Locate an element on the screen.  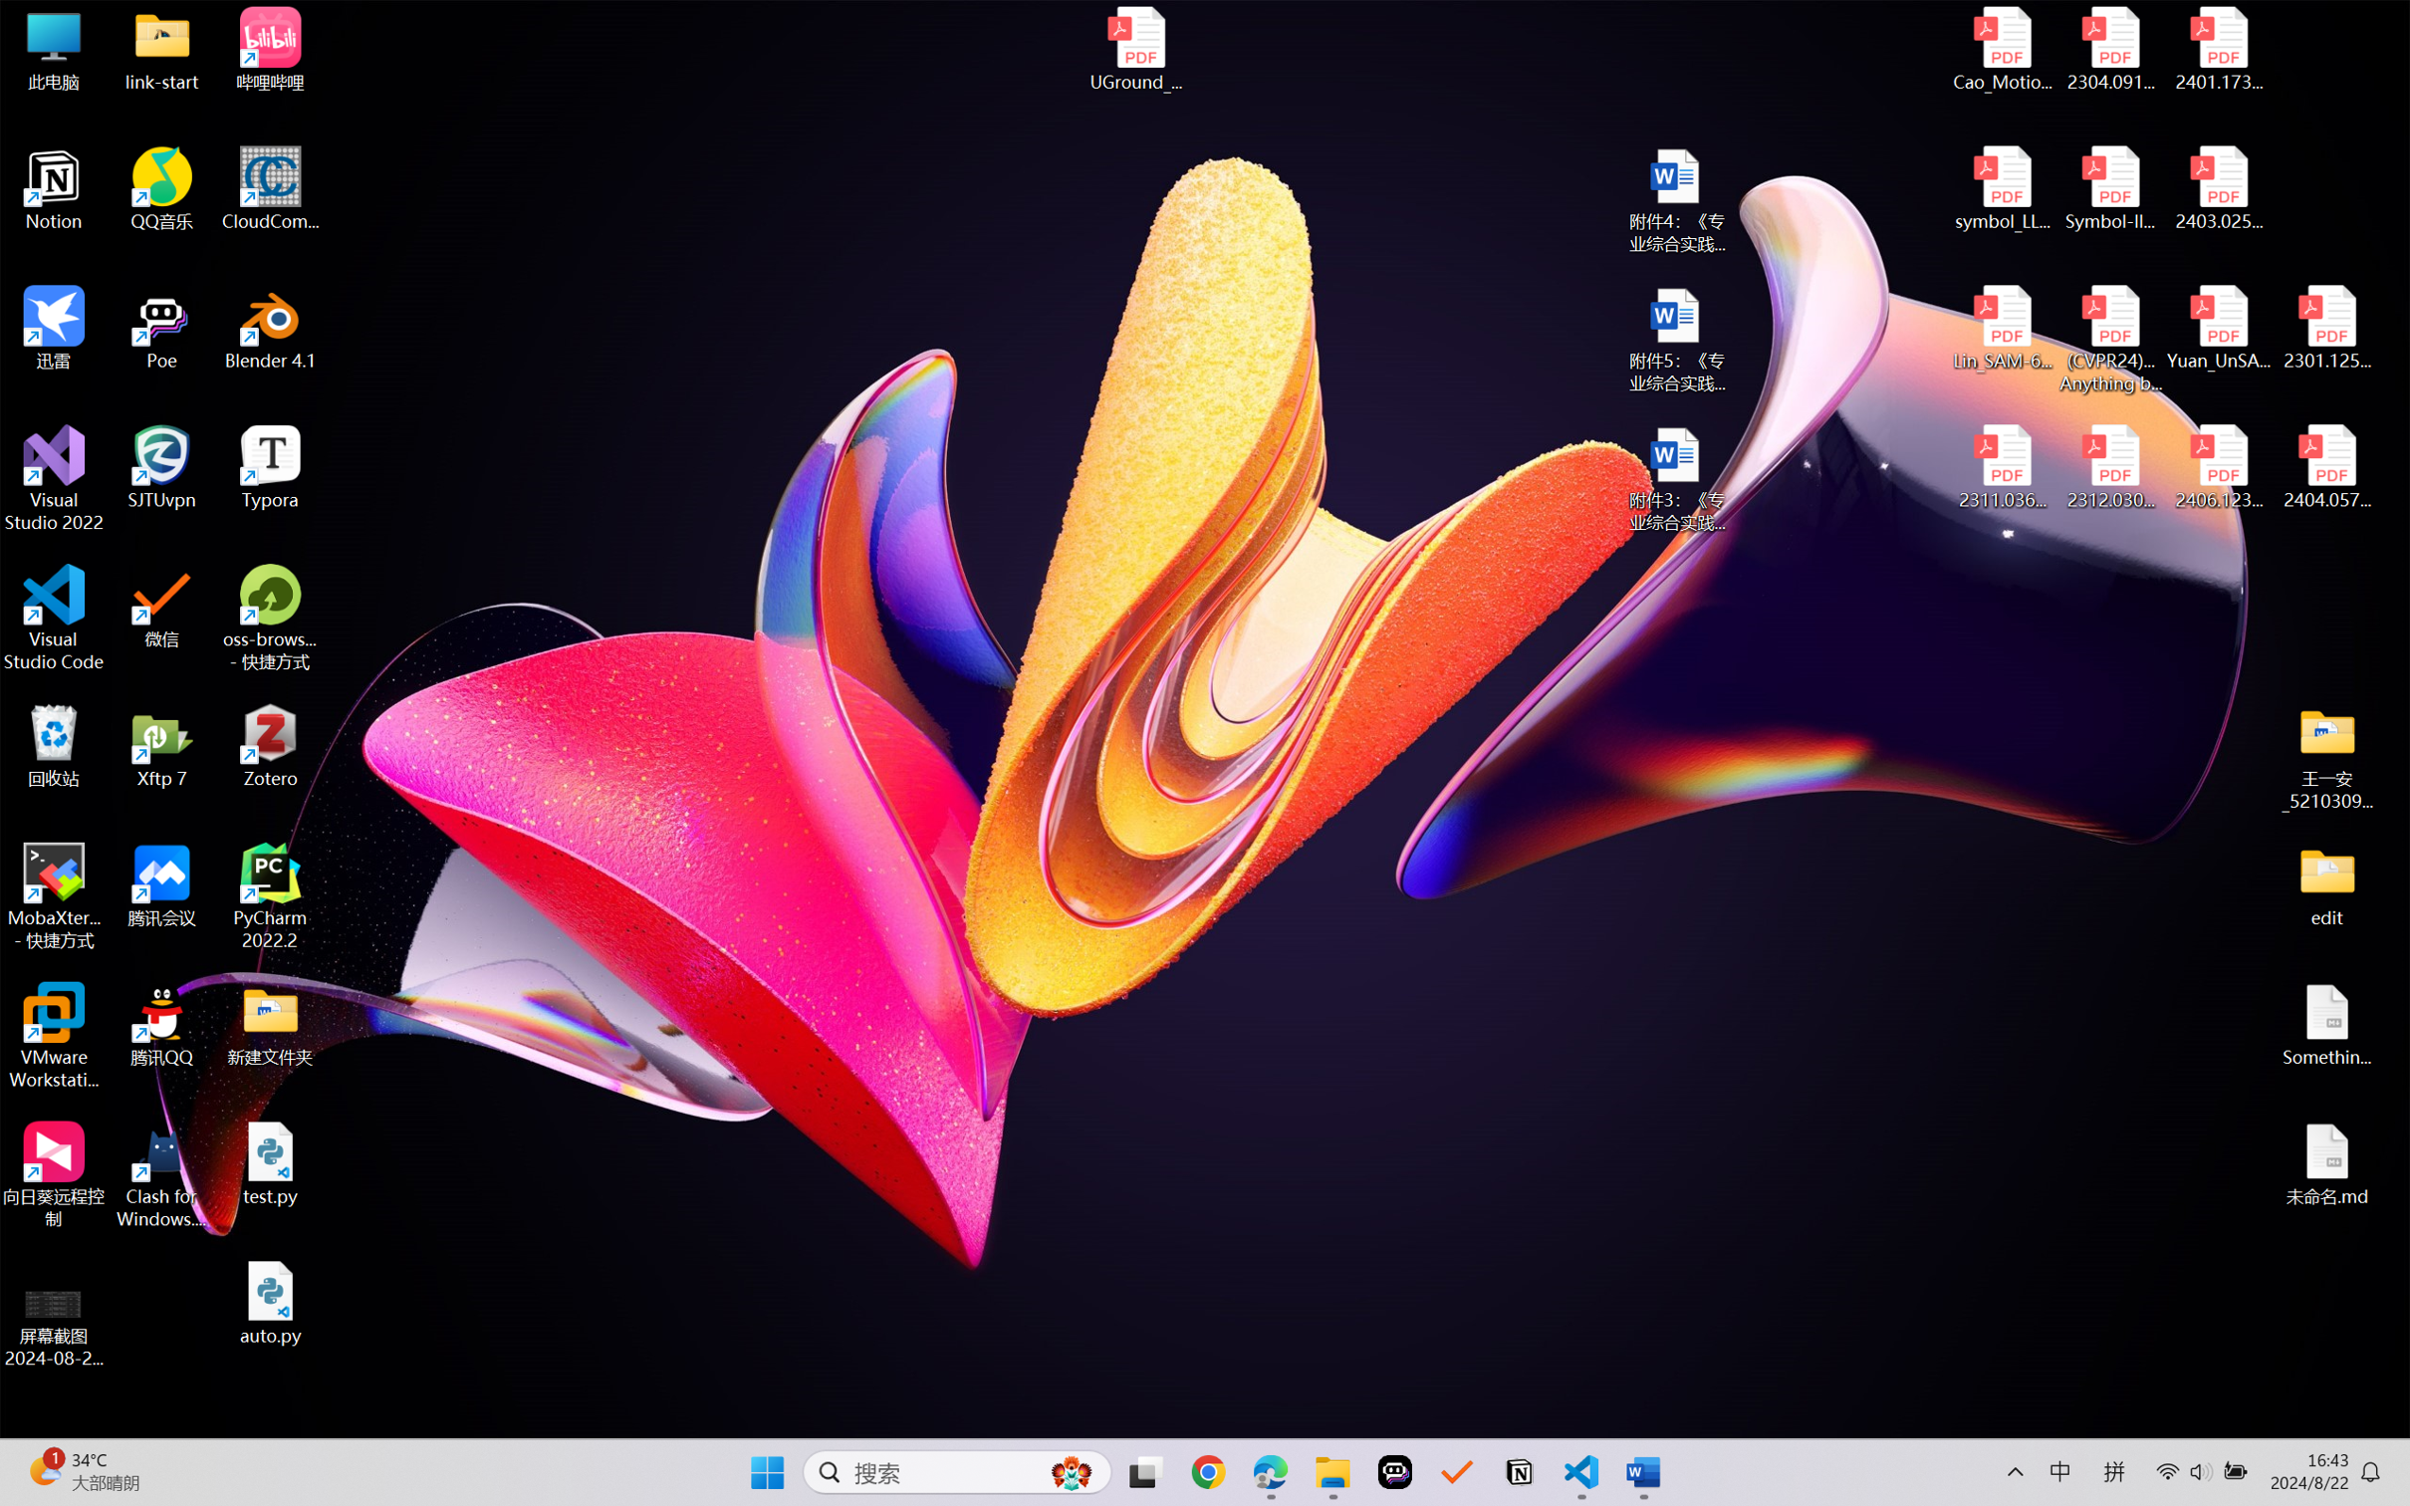
'symbol_LLM.pdf' is located at coordinates (2003, 189).